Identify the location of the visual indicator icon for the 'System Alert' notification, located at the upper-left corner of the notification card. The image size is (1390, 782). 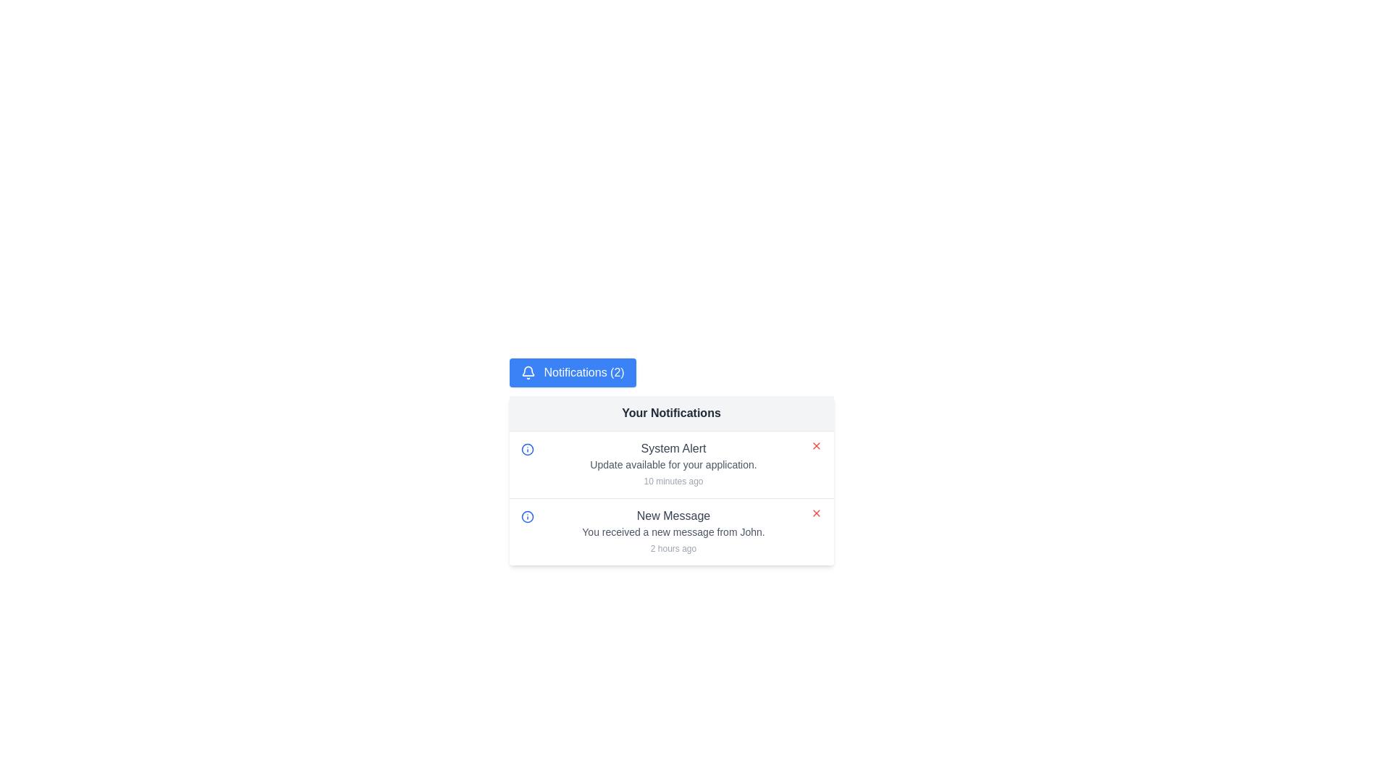
(526, 449).